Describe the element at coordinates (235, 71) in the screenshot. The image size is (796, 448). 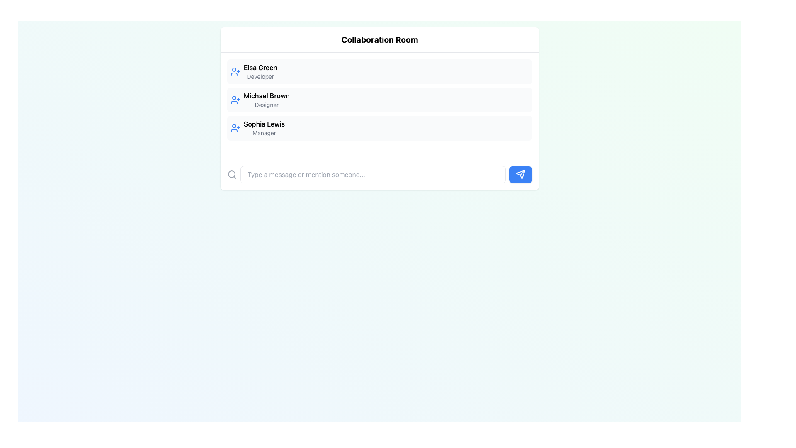
I see `the icon representing the action to connect with 'Elsa Green'` at that location.